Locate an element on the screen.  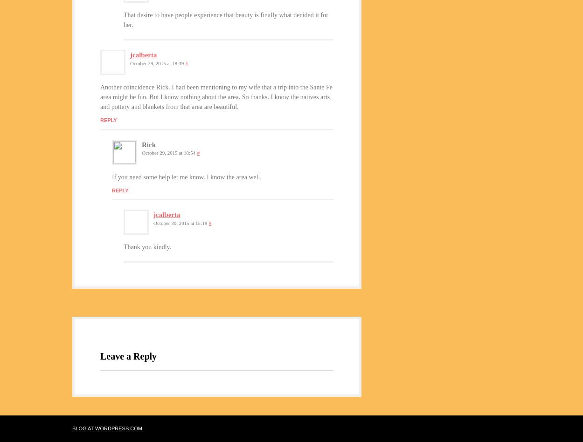
'Rick' is located at coordinates (142, 144).